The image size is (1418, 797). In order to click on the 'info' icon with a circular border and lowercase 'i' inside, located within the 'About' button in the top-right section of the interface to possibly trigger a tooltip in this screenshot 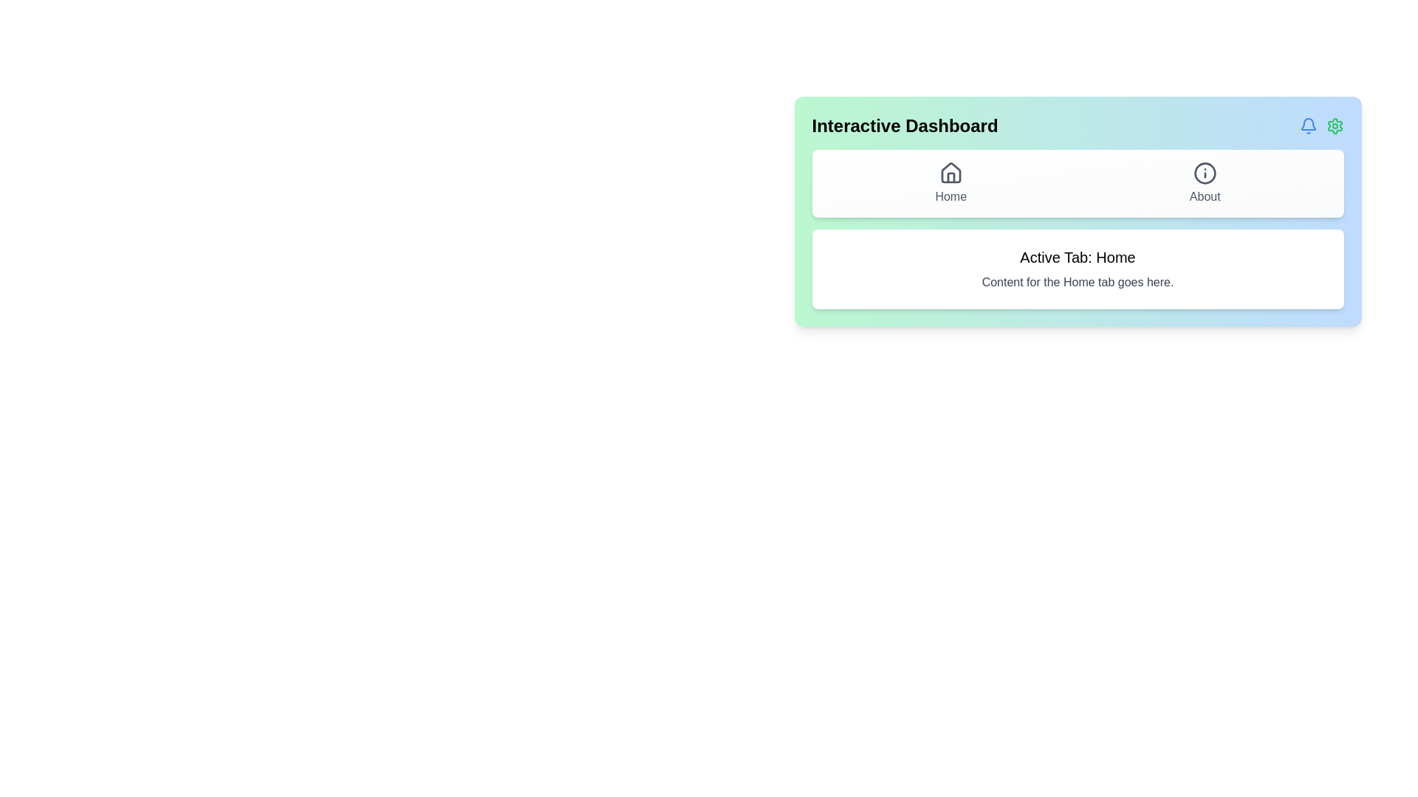, I will do `click(1205, 173)`.